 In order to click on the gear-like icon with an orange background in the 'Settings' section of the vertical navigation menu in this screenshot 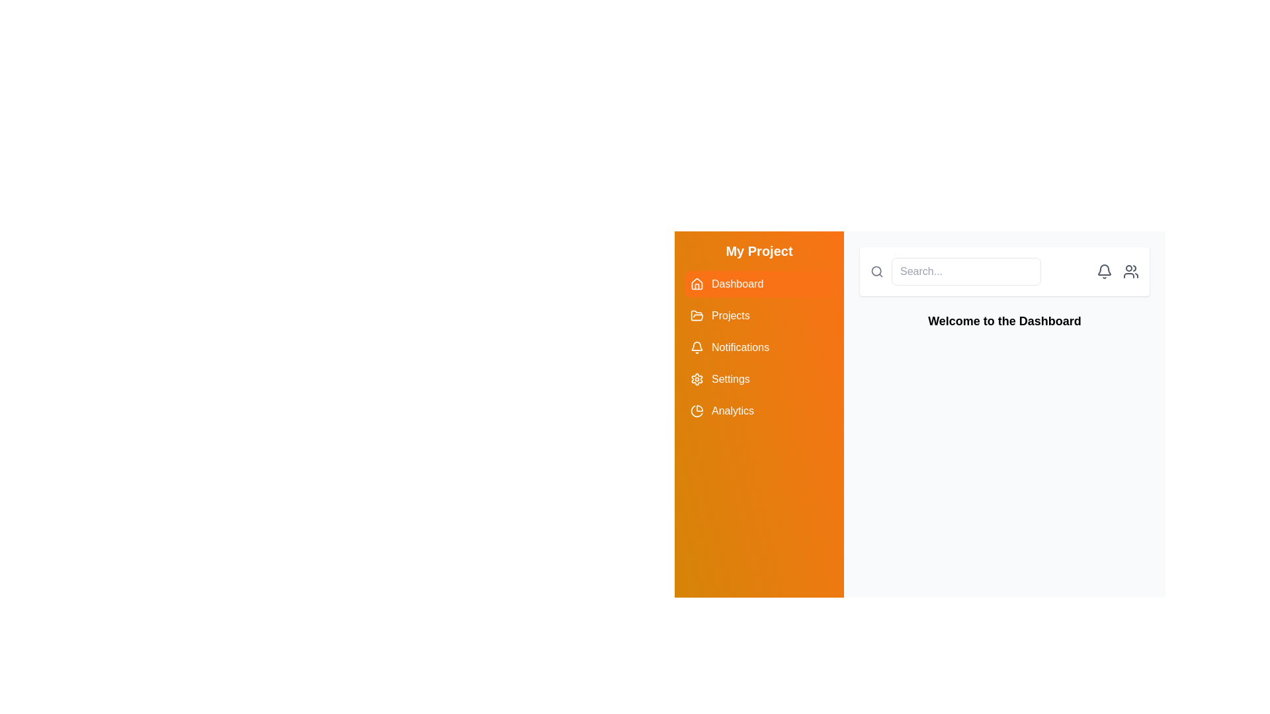, I will do `click(697, 379)`.